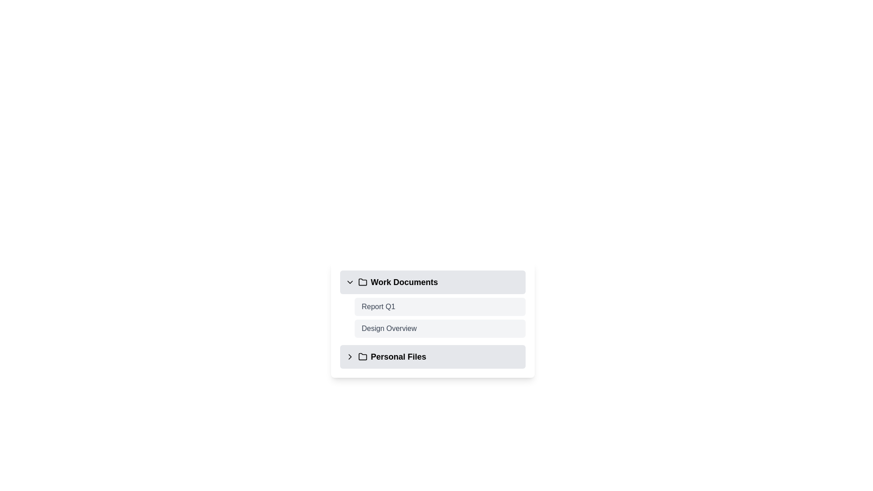 The width and height of the screenshot is (873, 491). What do you see at coordinates (398, 356) in the screenshot?
I see `the Text Label indicating file category or directory, which is positioned to the right of a folder icon in the third item of a vertical list of file-related options` at bounding box center [398, 356].